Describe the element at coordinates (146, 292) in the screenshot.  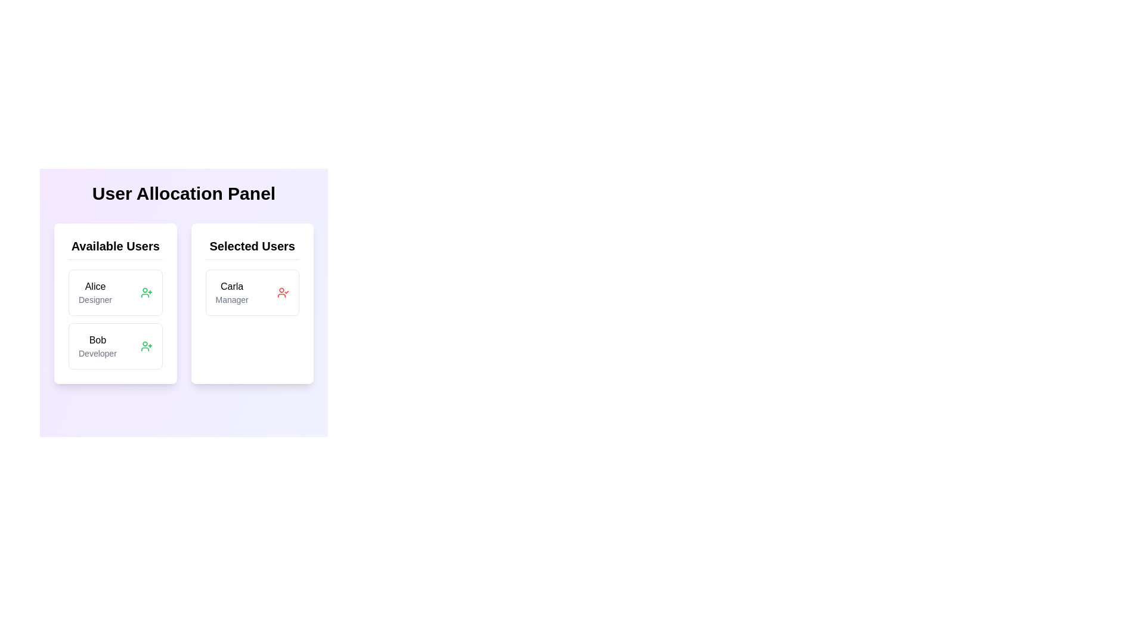
I see `the interactive icon button represented by an outlined user figure with a '+' sign, located next to 'Alice Designer' in the 'Available Users' section` at that location.